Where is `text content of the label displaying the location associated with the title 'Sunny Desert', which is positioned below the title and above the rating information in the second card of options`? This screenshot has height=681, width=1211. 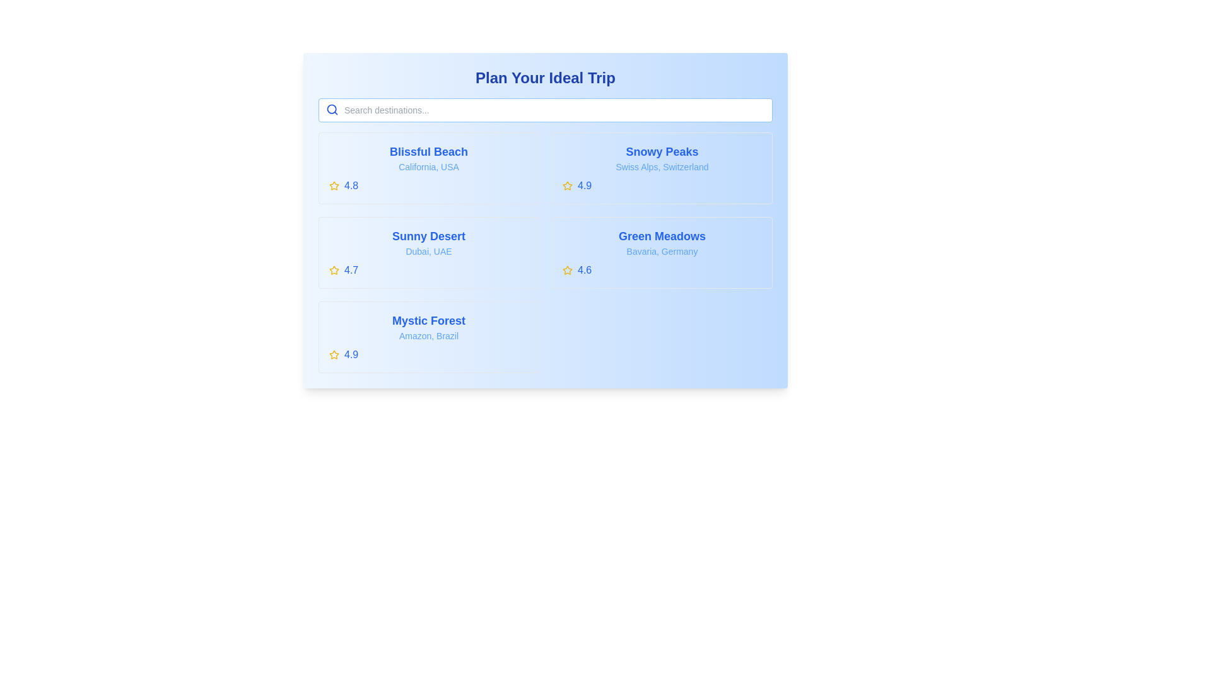 text content of the label displaying the location associated with the title 'Sunny Desert', which is positioned below the title and above the rating information in the second card of options is located at coordinates (429, 251).